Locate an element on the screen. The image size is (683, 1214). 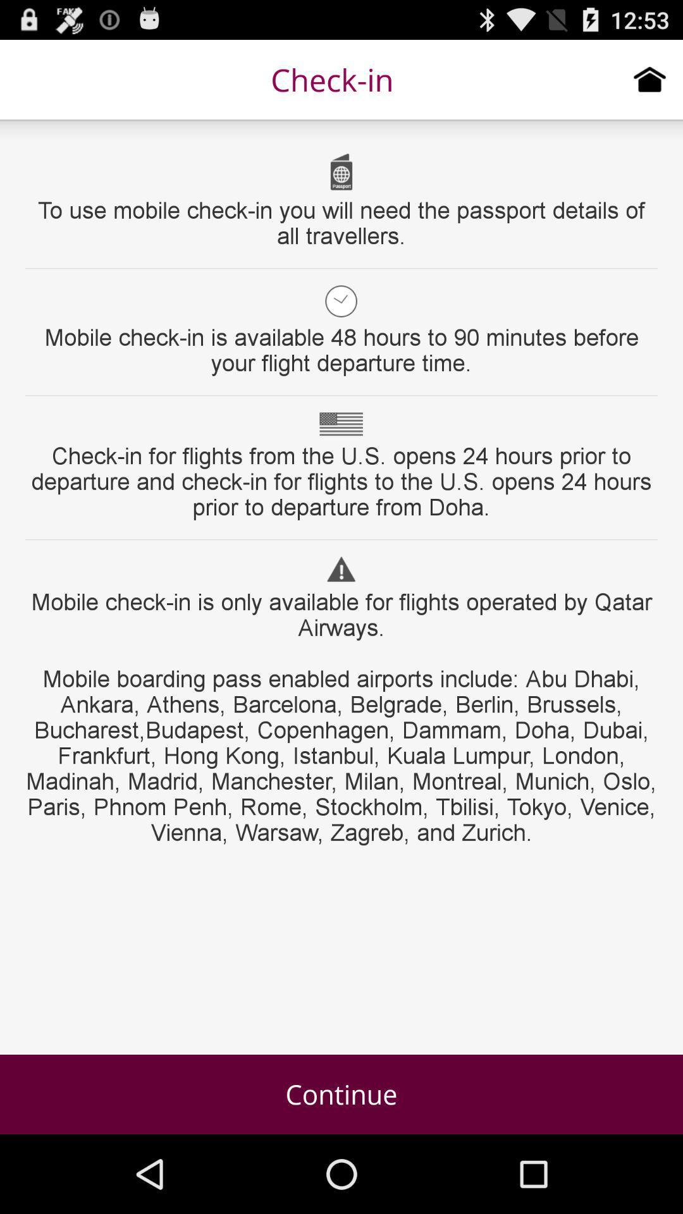
the icon next to the check-in item is located at coordinates (649, 78).